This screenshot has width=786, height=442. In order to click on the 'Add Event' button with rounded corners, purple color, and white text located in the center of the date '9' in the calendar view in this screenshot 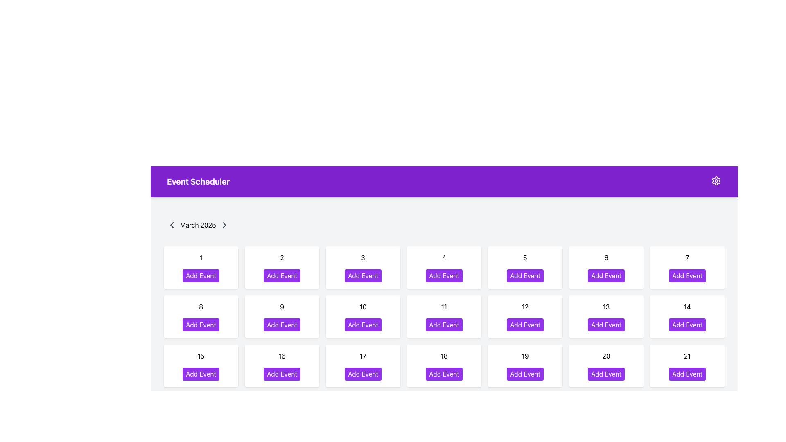, I will do `click(282, 325)`.